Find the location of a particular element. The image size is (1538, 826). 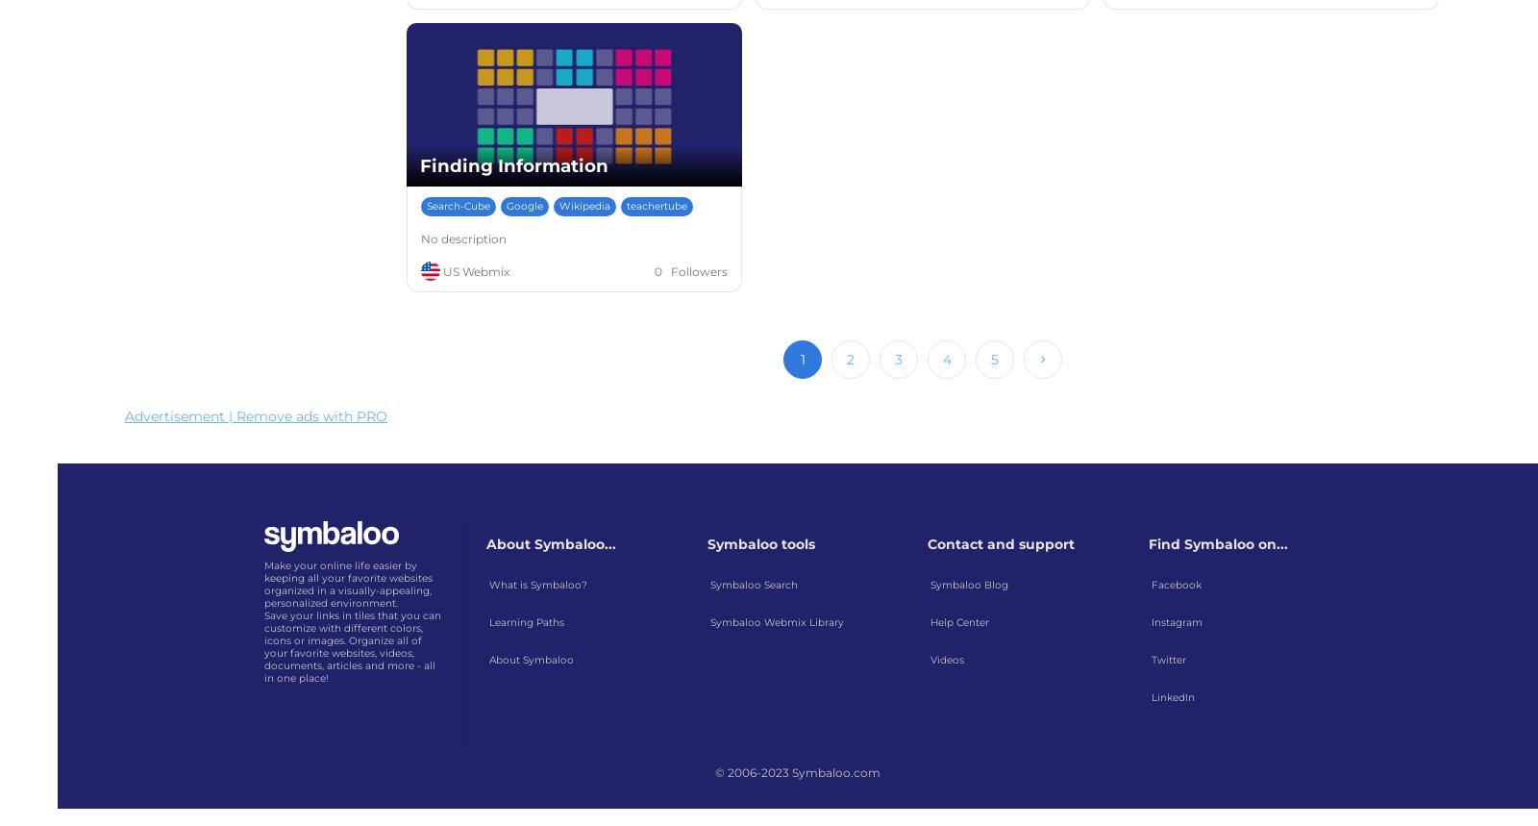

'Help Center' is located at coordinates (958, 621).